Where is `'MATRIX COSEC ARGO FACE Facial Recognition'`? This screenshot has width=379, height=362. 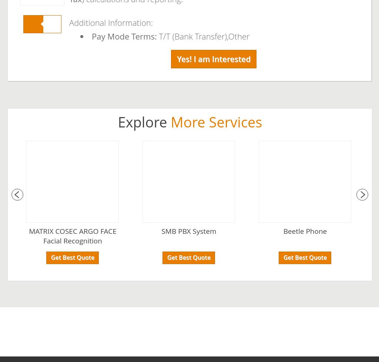
'MATRIX COSEC ARGO FACE Facial Recognition' is located at coordinates (72, 236).